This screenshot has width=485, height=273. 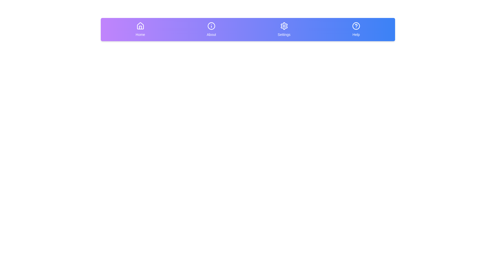 What do you see at coordinates (211, 29) in the screenshot?
I see `the 'About' button, which features an information symbol inside a circle on a purple background, located in the top navigation bar` at bounding box center [211, 29].